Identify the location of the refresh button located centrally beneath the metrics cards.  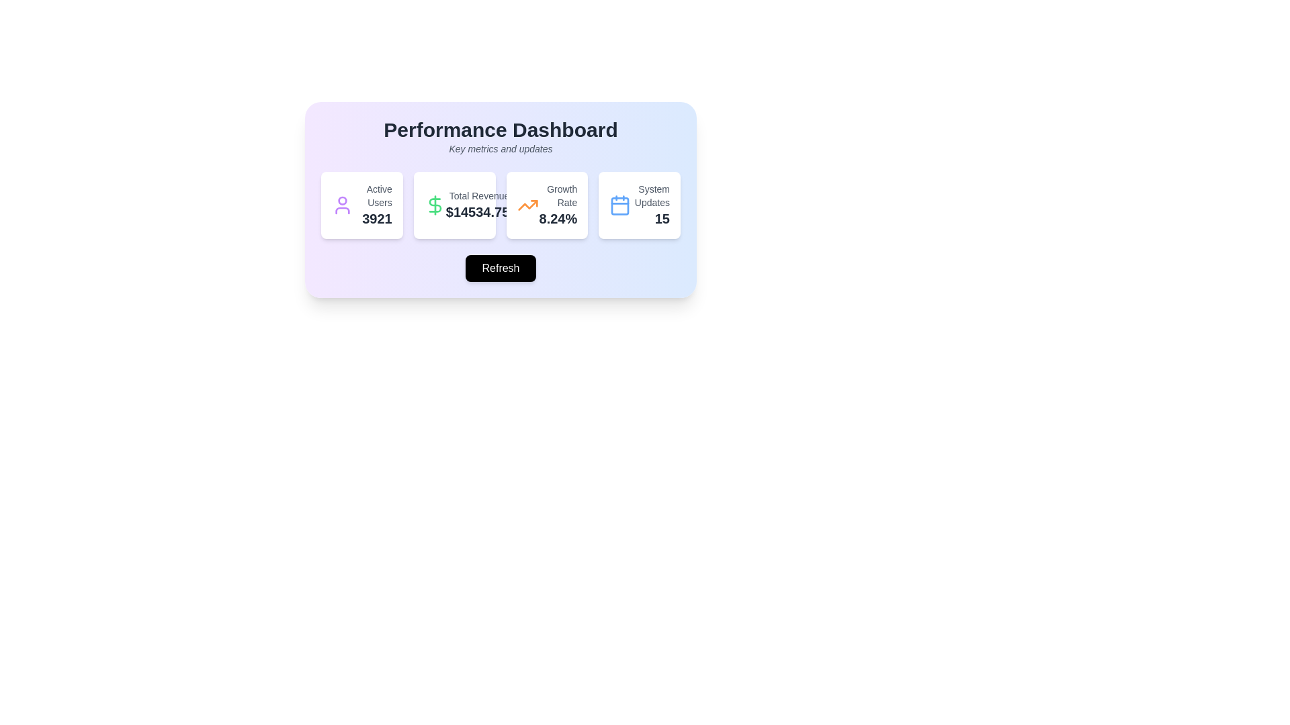
(500, 269).